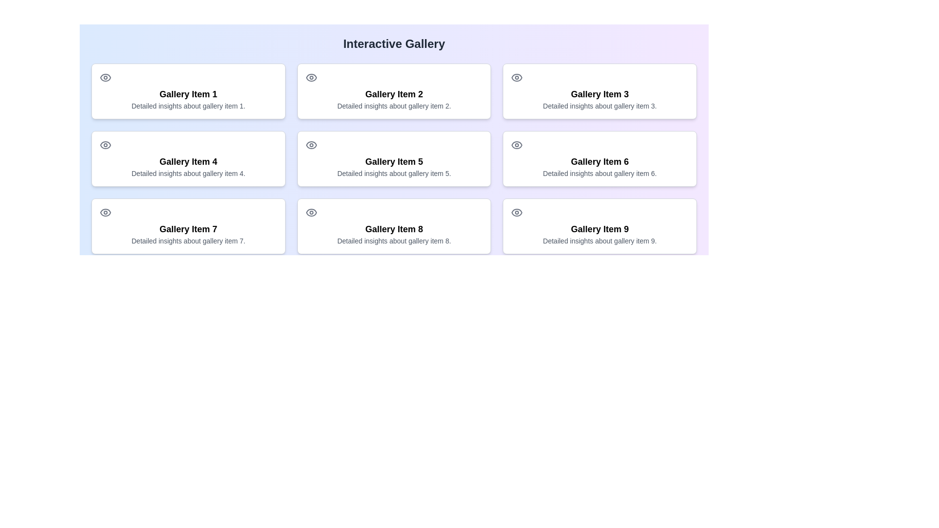 The height and width of the screenshot is (528, 939). Describe the element at coordinates (106, 212) in the screenshot. I see `the eye icon located in the top-left corner of the card labeled 'Gallery Item 7' to indicate a viewing or preview function` at that location.